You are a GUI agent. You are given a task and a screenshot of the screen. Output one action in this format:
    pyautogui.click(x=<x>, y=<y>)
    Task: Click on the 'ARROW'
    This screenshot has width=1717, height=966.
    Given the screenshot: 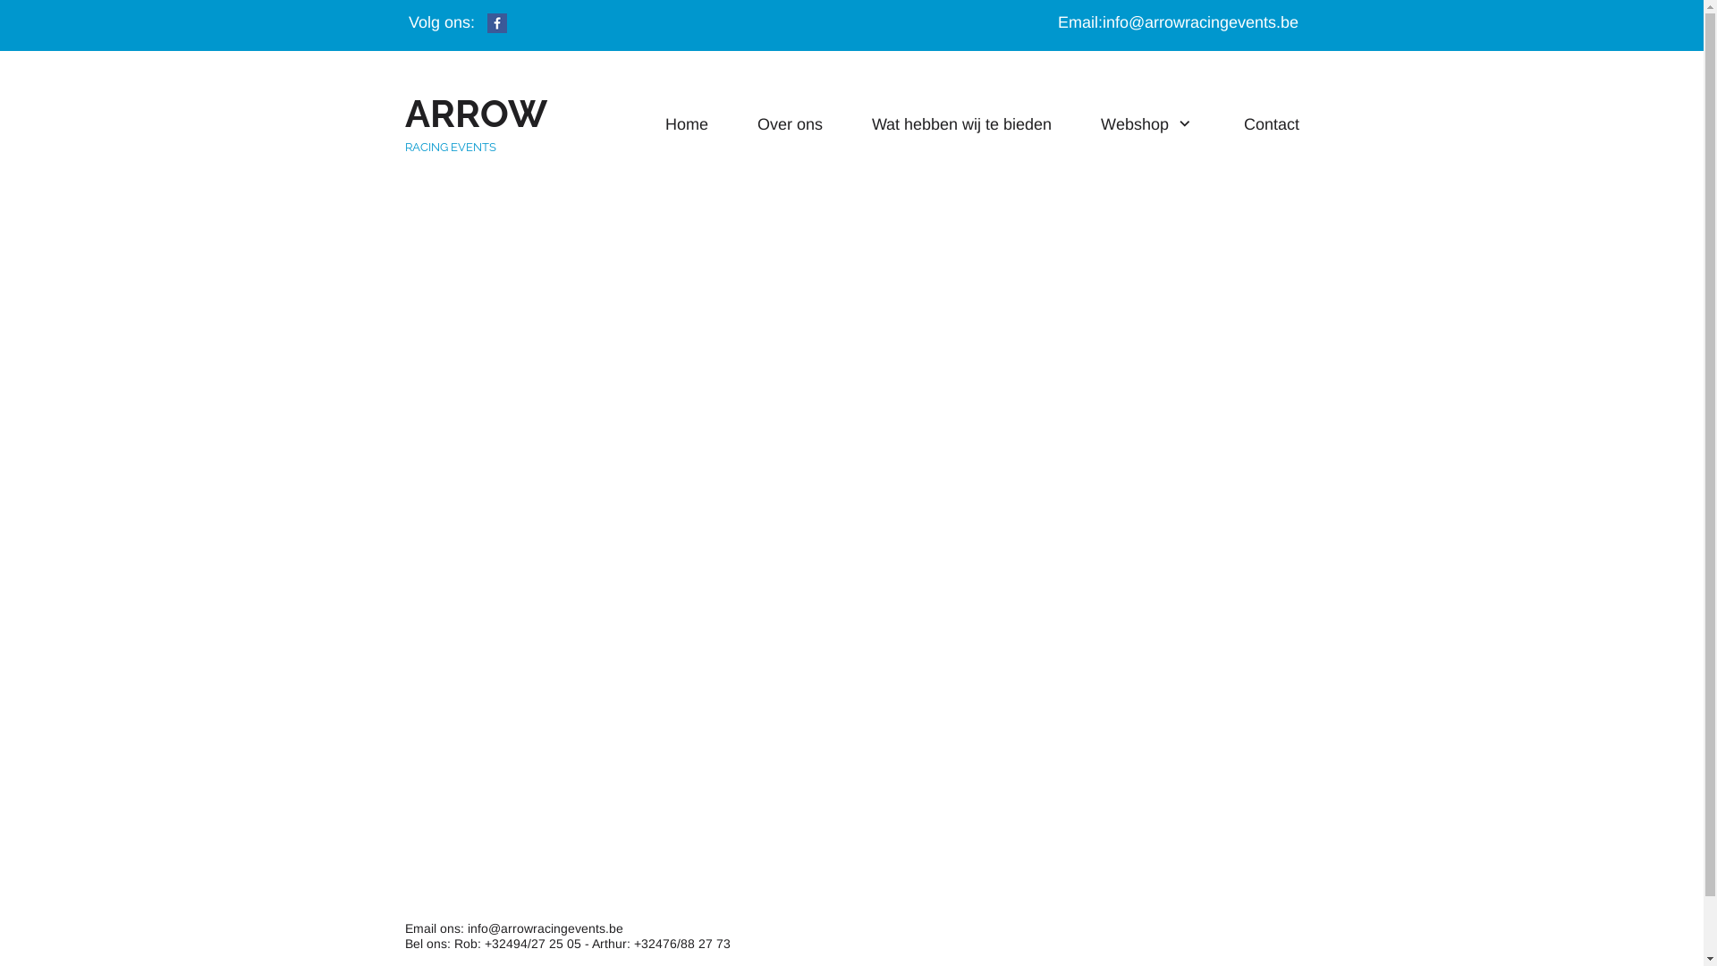 What is the action you would take?
    pyautogui.click(x=402, y=122)
    